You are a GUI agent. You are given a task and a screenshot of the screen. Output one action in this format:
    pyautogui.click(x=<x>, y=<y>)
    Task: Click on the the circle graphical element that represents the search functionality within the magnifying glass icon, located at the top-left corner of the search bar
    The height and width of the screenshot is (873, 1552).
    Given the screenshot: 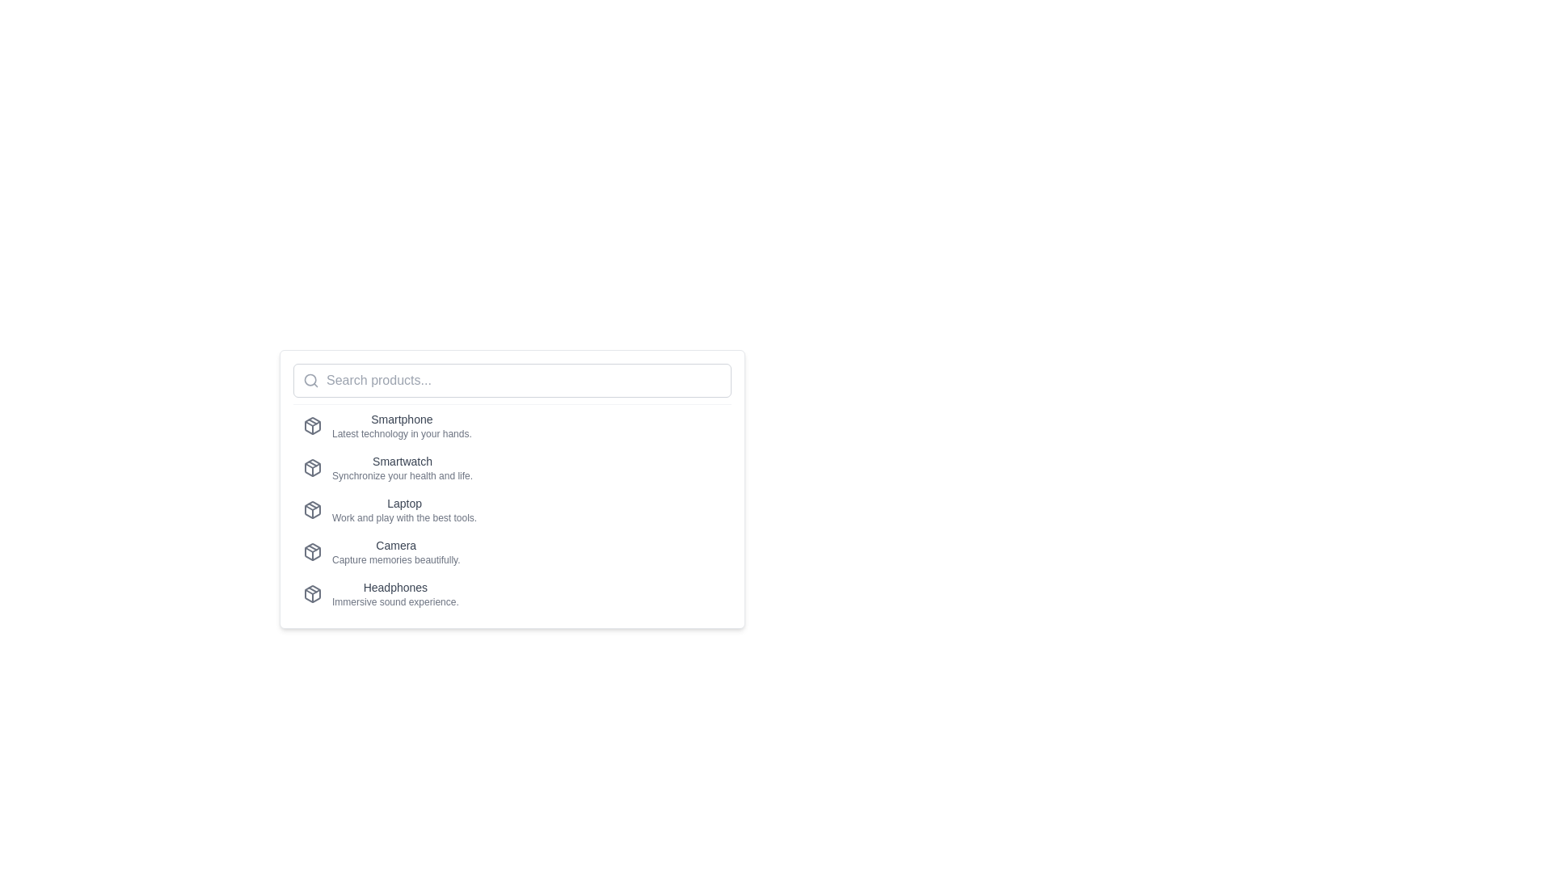 What is the action you would take?
    pyautogui.click(x=310, y=380)
    